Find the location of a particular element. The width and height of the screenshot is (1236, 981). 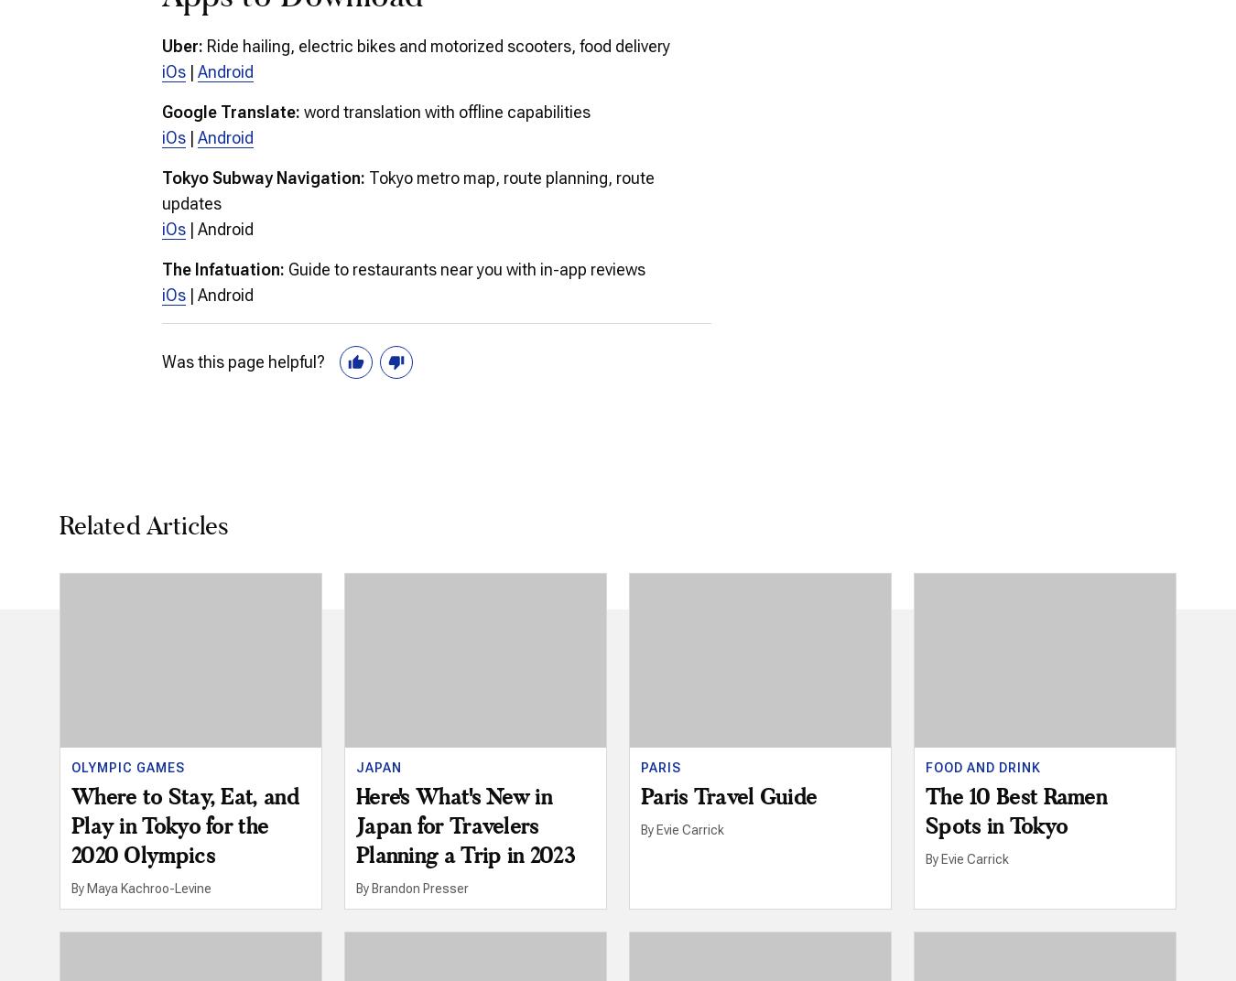

'Guide to restaurants near you with in-app reviews' is located at coordinates (464, 267).